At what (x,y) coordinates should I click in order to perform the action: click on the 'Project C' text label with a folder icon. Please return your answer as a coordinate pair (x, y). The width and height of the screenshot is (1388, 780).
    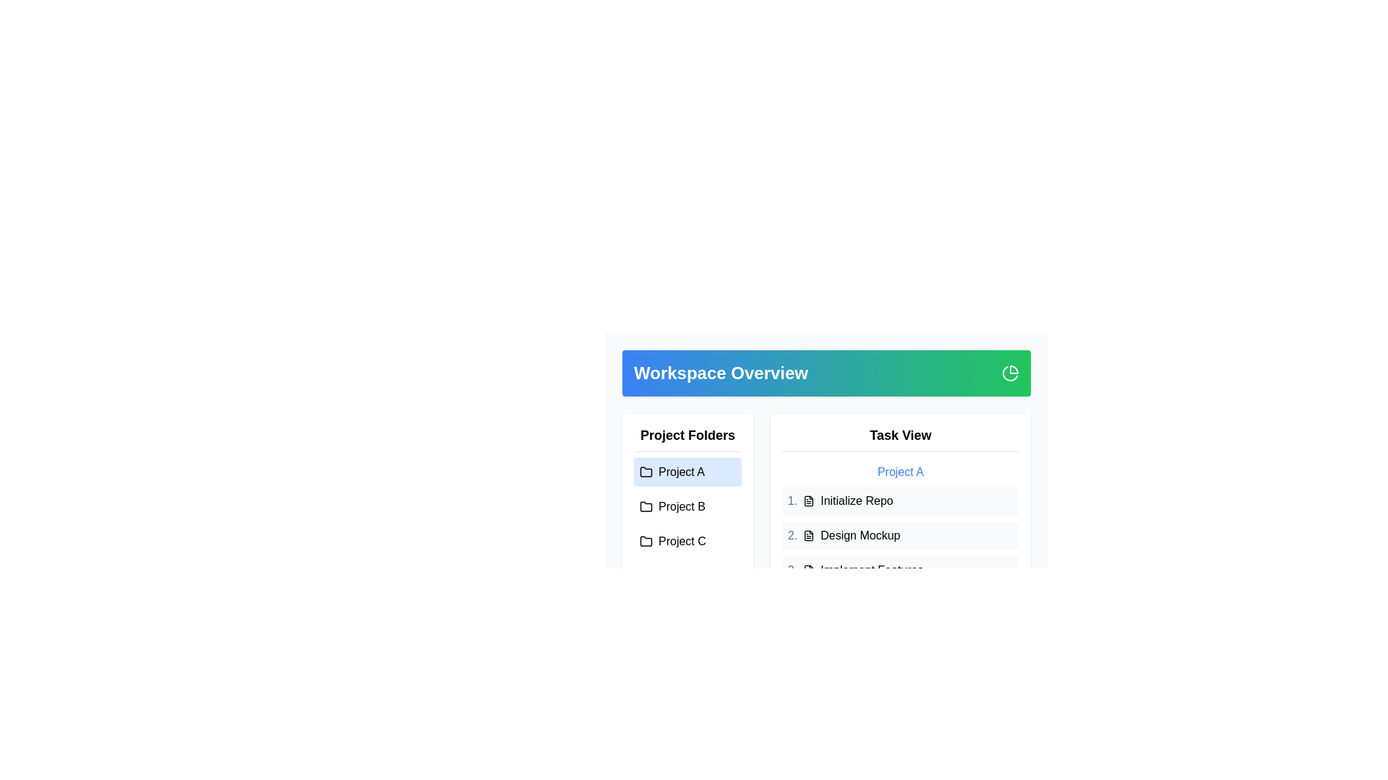
    Looking at the image, I should click on (687, 541).